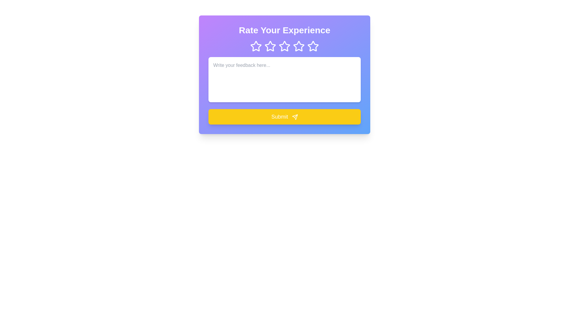 The image size is (571, 321). What do you see at coordinates (313, 46) in the screenshot?
I see `the fifth star icon in the 5-star rating system, which indicates a five-star rating, located in the top center area of the interface above the feedback text box` at bounding box center [313, 46].